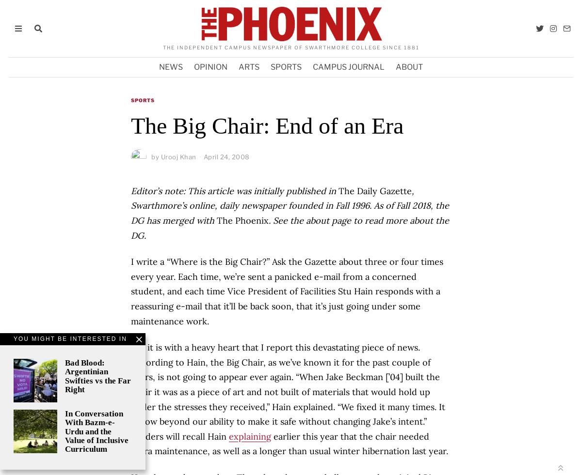 The image size is (582, 475). Describe the element at coordinates (130, 227) in the screenshot. I see `'. See the about page to read more about the DG.'` at that location.